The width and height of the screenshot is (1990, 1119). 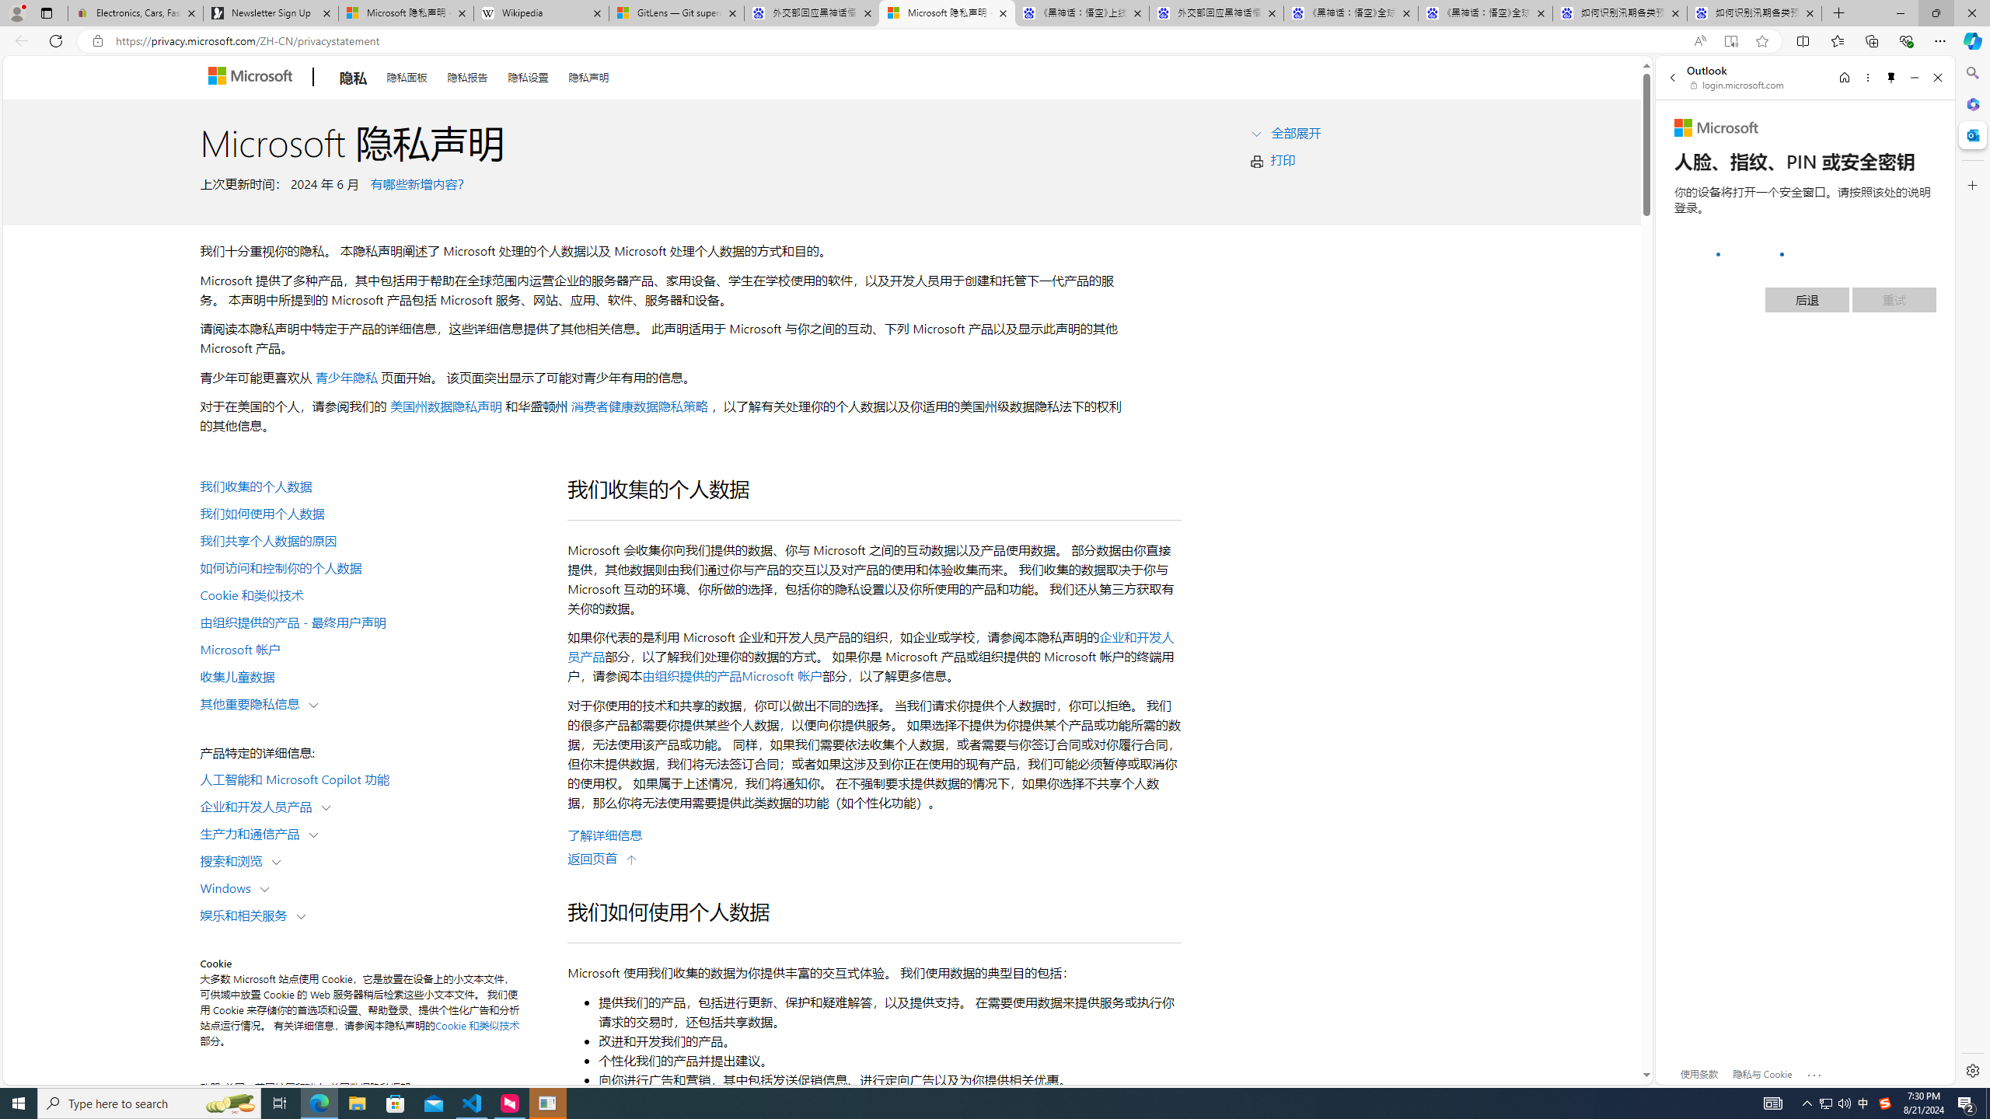 What do you see at coordinates (1730, 41) in the screenshot?
I see `'Enter Immersive Reader (F9)'` at bounding box center [1730, 41].